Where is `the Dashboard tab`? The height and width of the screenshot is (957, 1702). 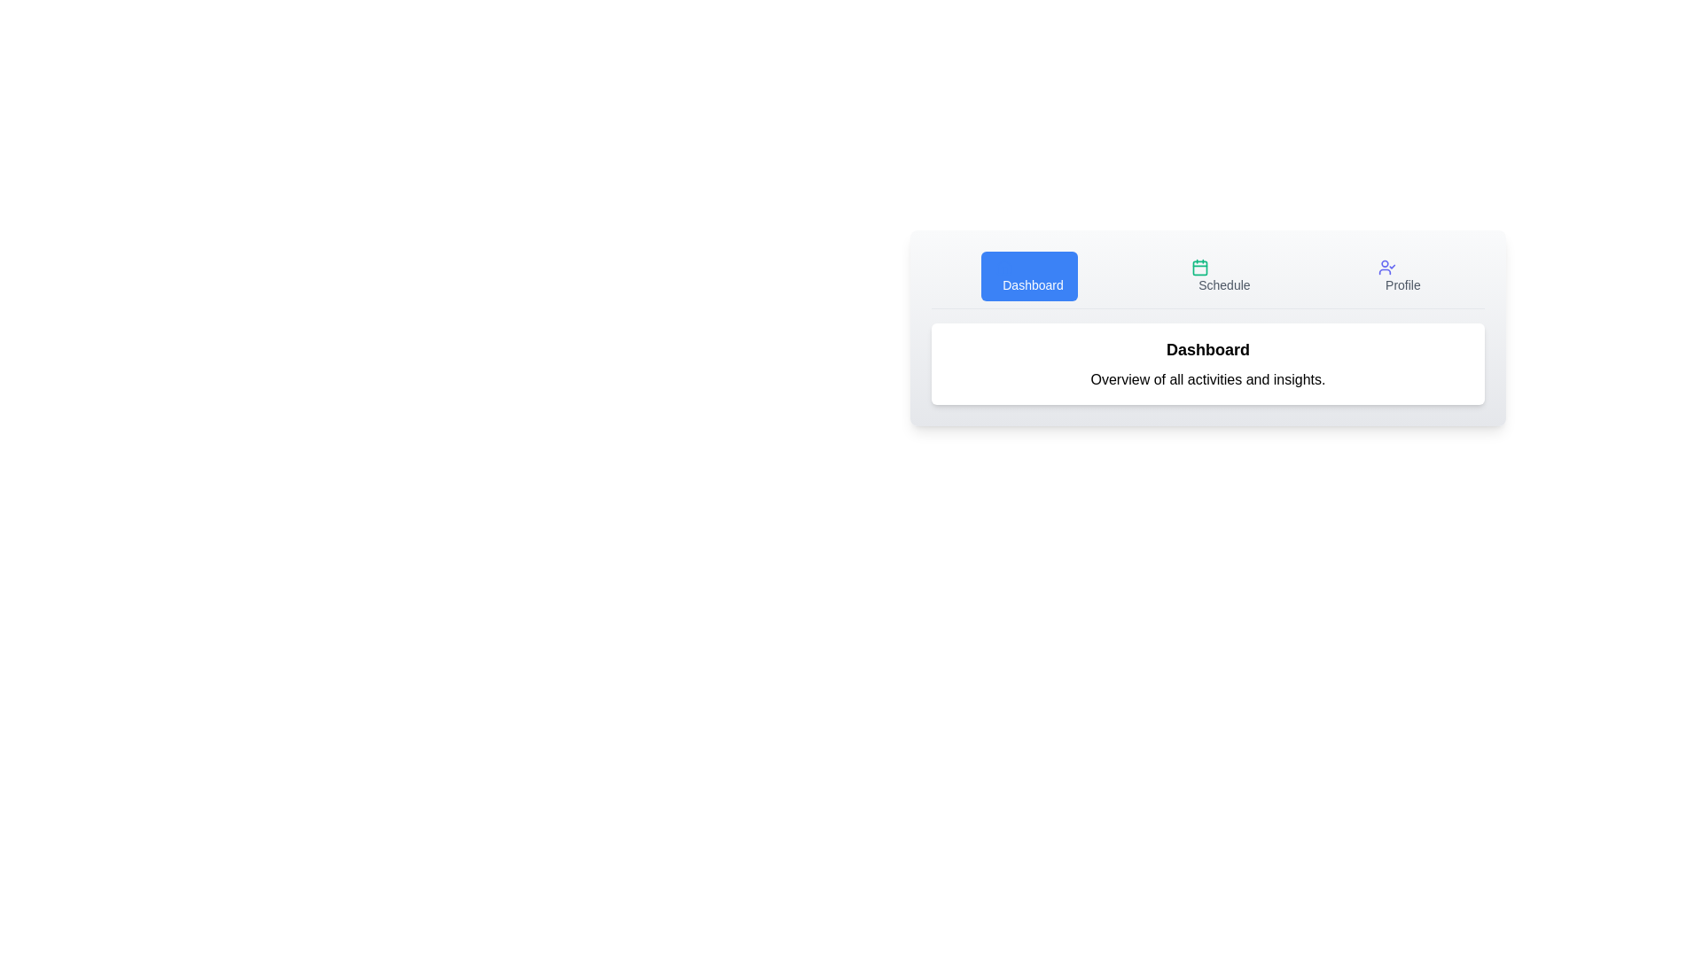
the Dashboard tab is located at coordinates (1029, 276).